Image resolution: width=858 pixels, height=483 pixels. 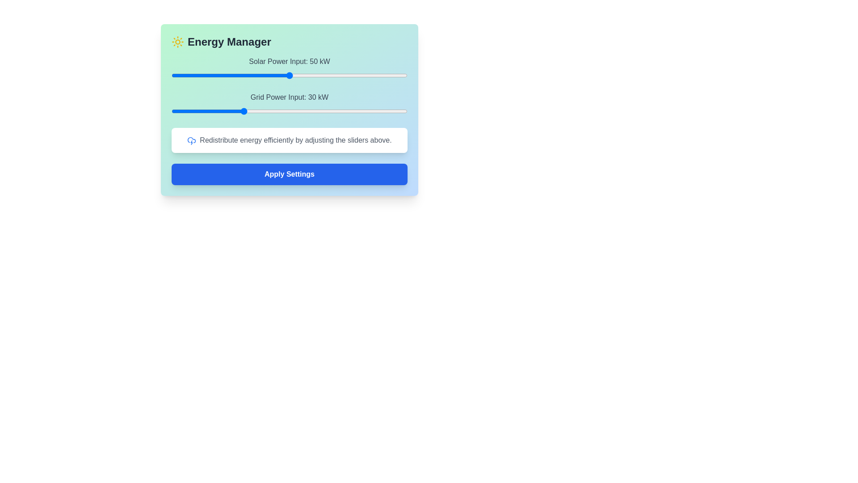 I want to click on the Solar Power Input slider to 67 kW, so click(x=329, y=75).